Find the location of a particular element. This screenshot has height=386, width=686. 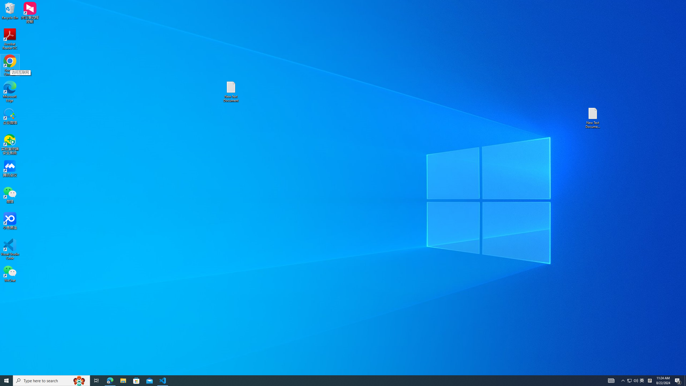

'Recycle Bin' is located at coordinates (10, 10).